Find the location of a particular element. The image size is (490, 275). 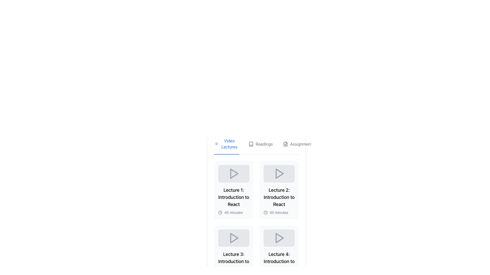

the clock icon, which features a rounded circular border and two lines representing clock hands, located to the left of the '45 minutes' text in the second column of items under the title 'Lecture 2: Introduction to React' is located at coordinates (220, 212).